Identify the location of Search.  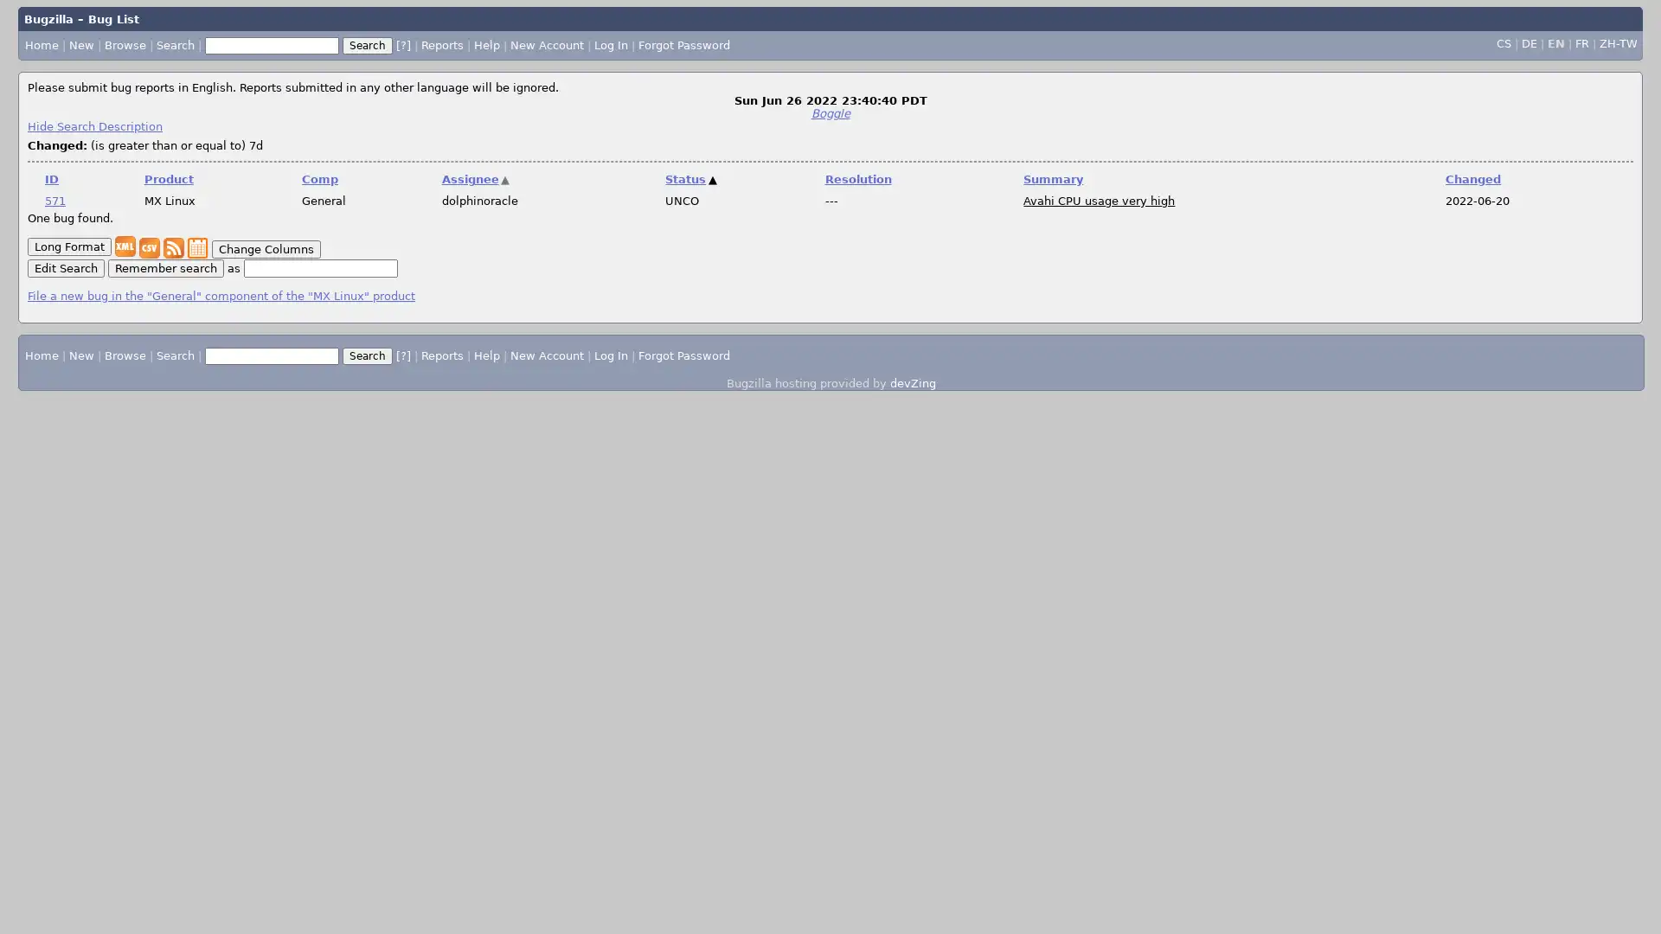
(365, 43).